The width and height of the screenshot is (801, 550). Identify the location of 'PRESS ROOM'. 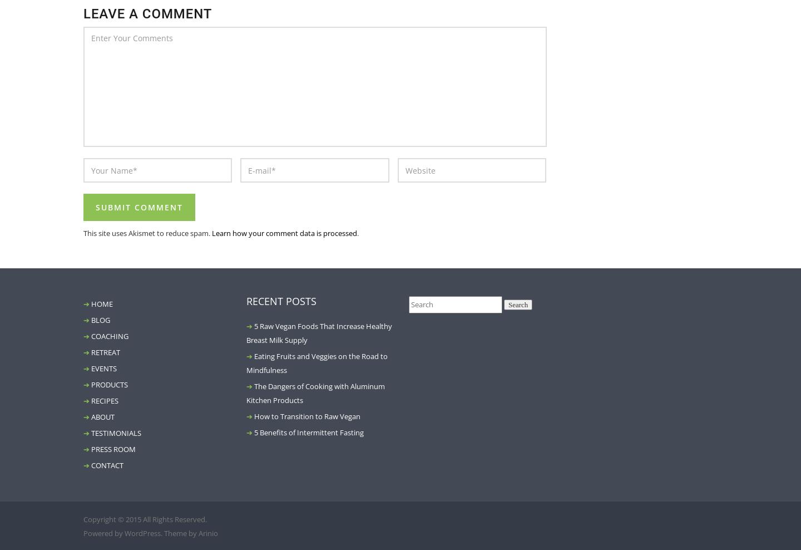
(113, 449).